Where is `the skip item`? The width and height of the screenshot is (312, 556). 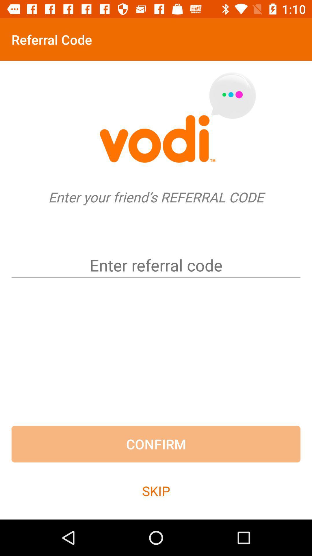
the skip item is located at coordinates (156, 491).